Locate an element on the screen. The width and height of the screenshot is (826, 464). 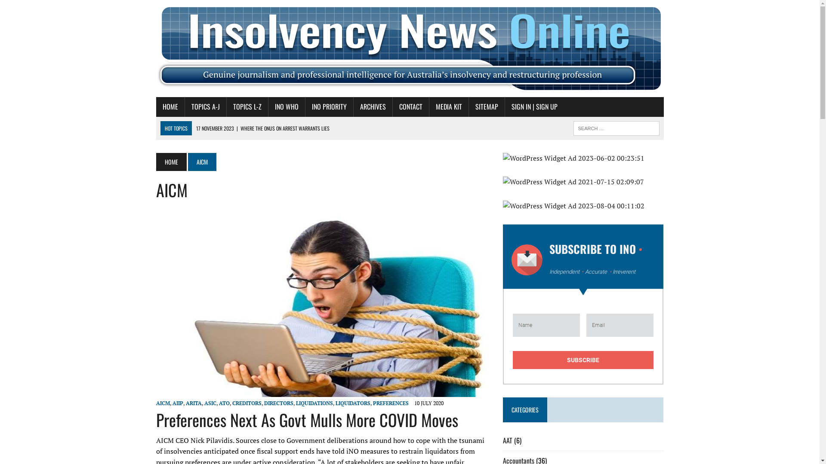
'PREFERENCES' is located at coordinates (390, 403).